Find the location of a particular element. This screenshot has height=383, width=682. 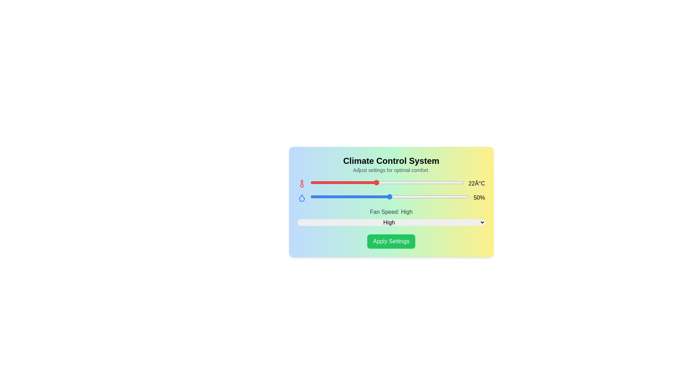

the humidity slider to 59% is located at coordinates (426, 197).